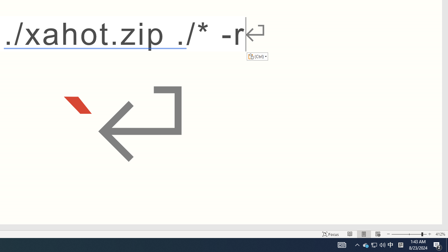 The width and height of the screenshot is (448, 252). What do you see at coordinates (440, 234) in the screenshot?
I see `'Zoom 412%'` at bounding box center [440, 234].